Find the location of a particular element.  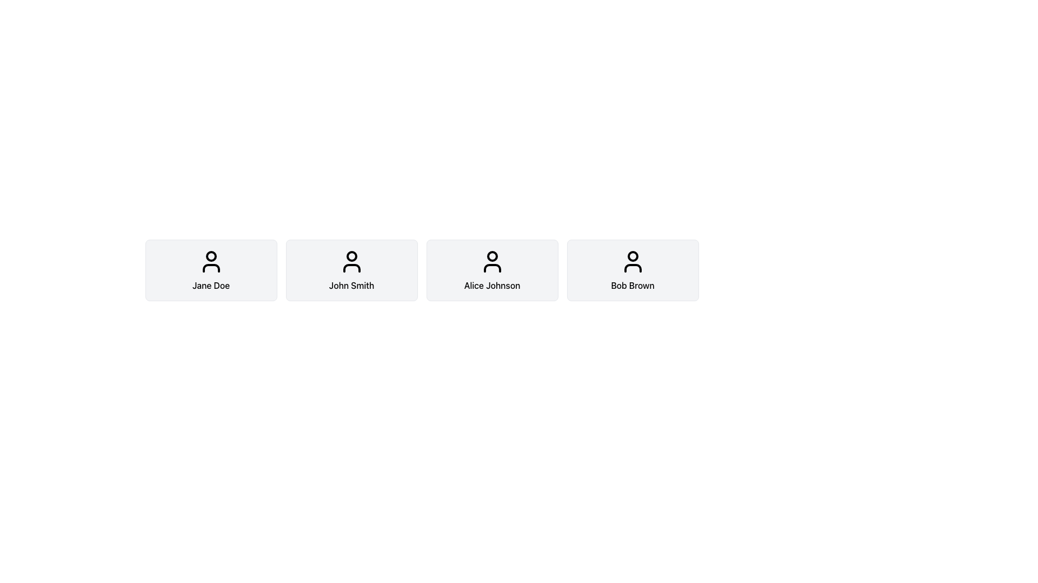

the user icon, which is a circular head with shoulders, located at the top center of the profile card labeled 'John Smith' is located at coordinates (351, 262).